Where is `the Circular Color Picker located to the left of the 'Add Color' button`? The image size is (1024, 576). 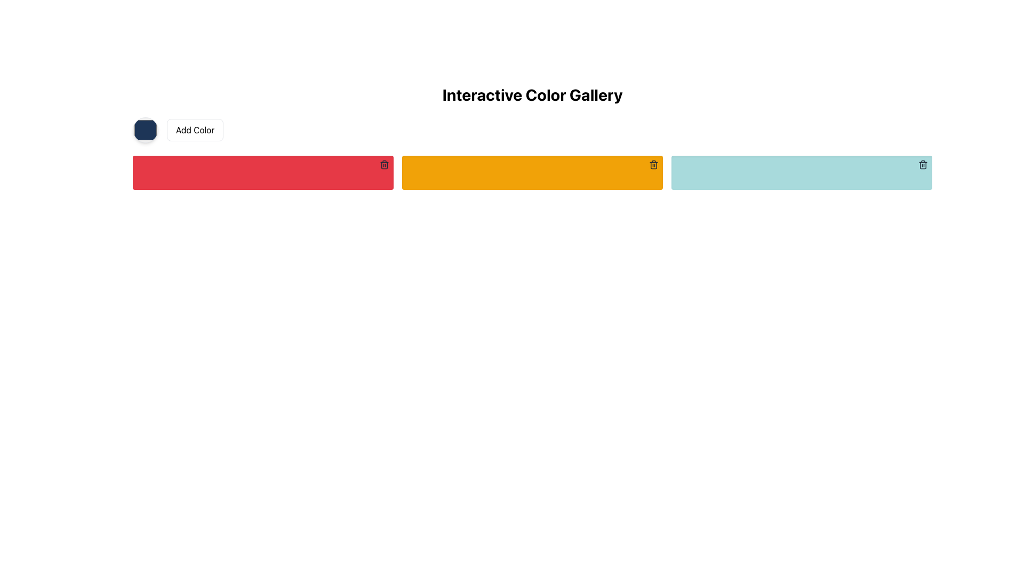 the Circular Color Picker located to the left of the 'Add Color' button is located at coordinates (145, 129).